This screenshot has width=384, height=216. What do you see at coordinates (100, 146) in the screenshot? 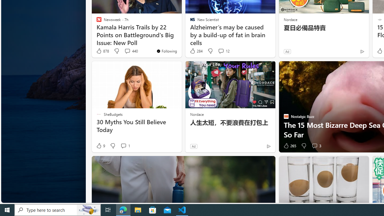
I see `'9 Like'` at bounding box center [100, 146].